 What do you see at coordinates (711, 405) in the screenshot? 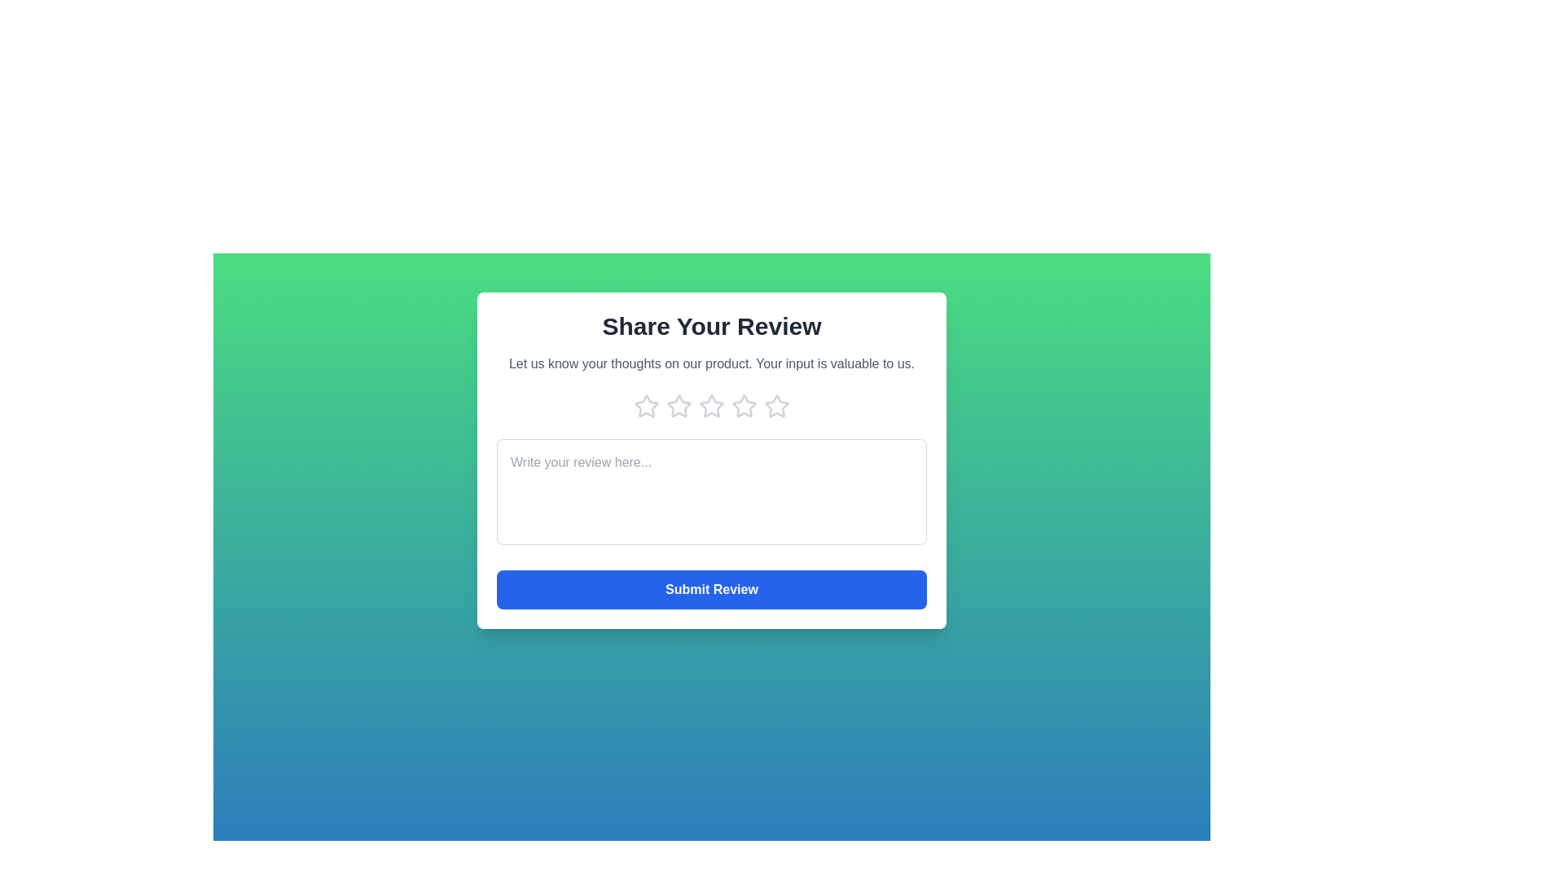
I see `the product rating to 3 stars by clicking on the respective star` at bounding box center [711, 405].